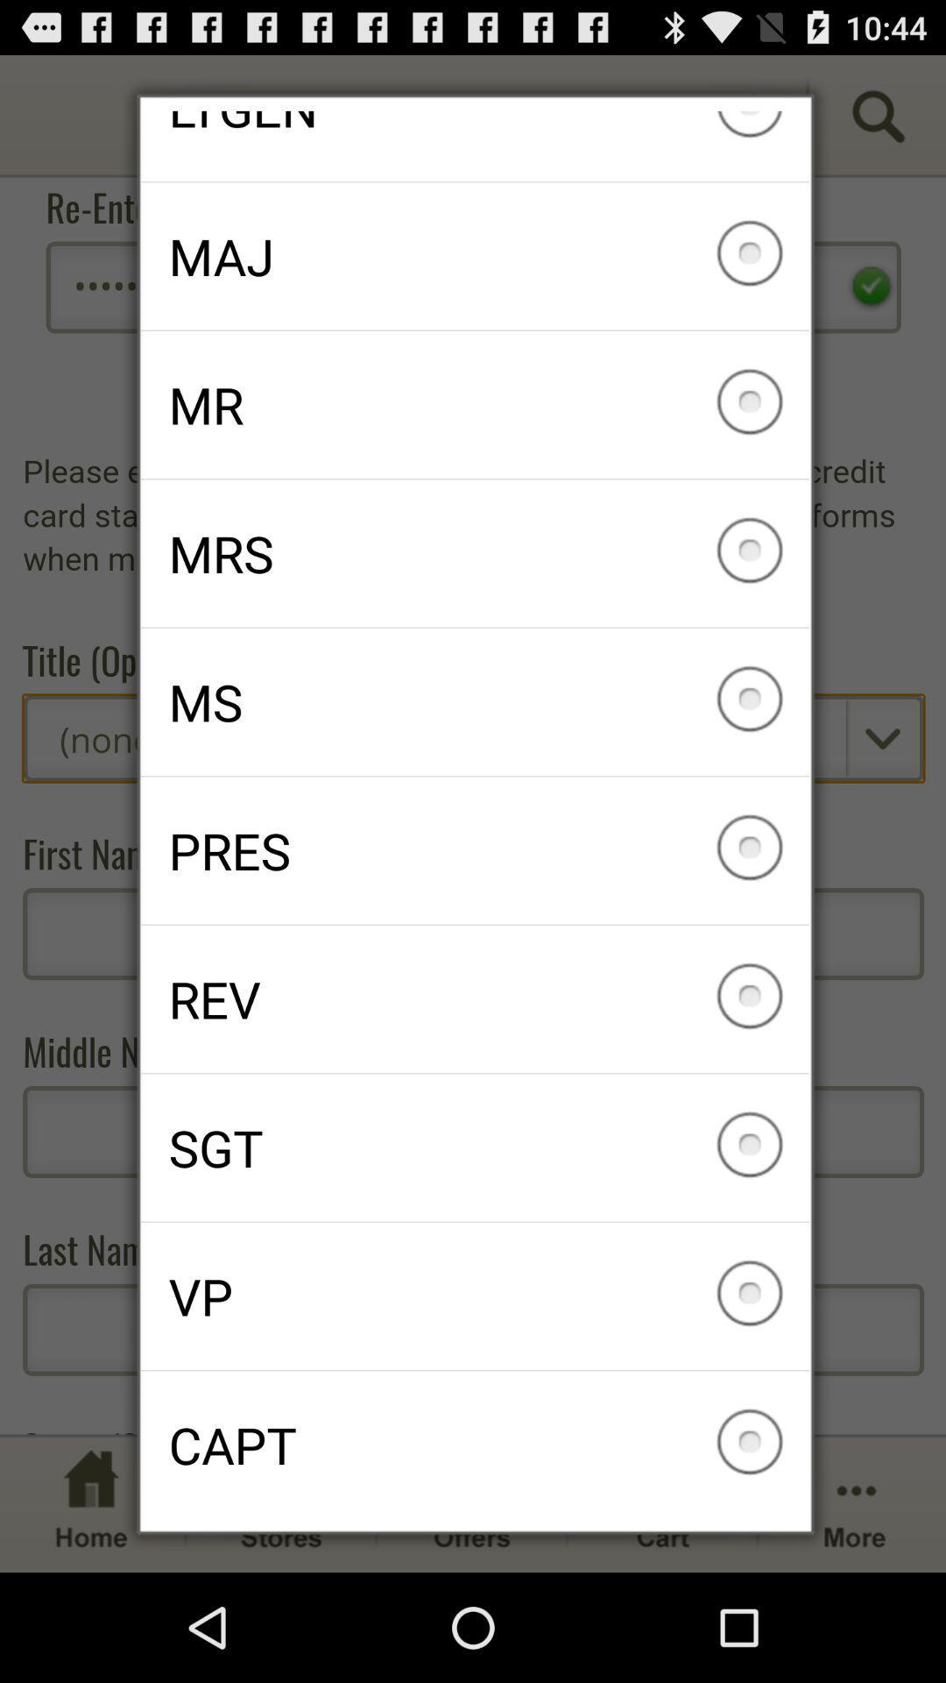 The height and width of the screenshot is (1683, 946). What do you see at coordinates (475, 999) in the screenshot?
I see `the icon above the sgt checkbox` at bounding box center [475, 999].